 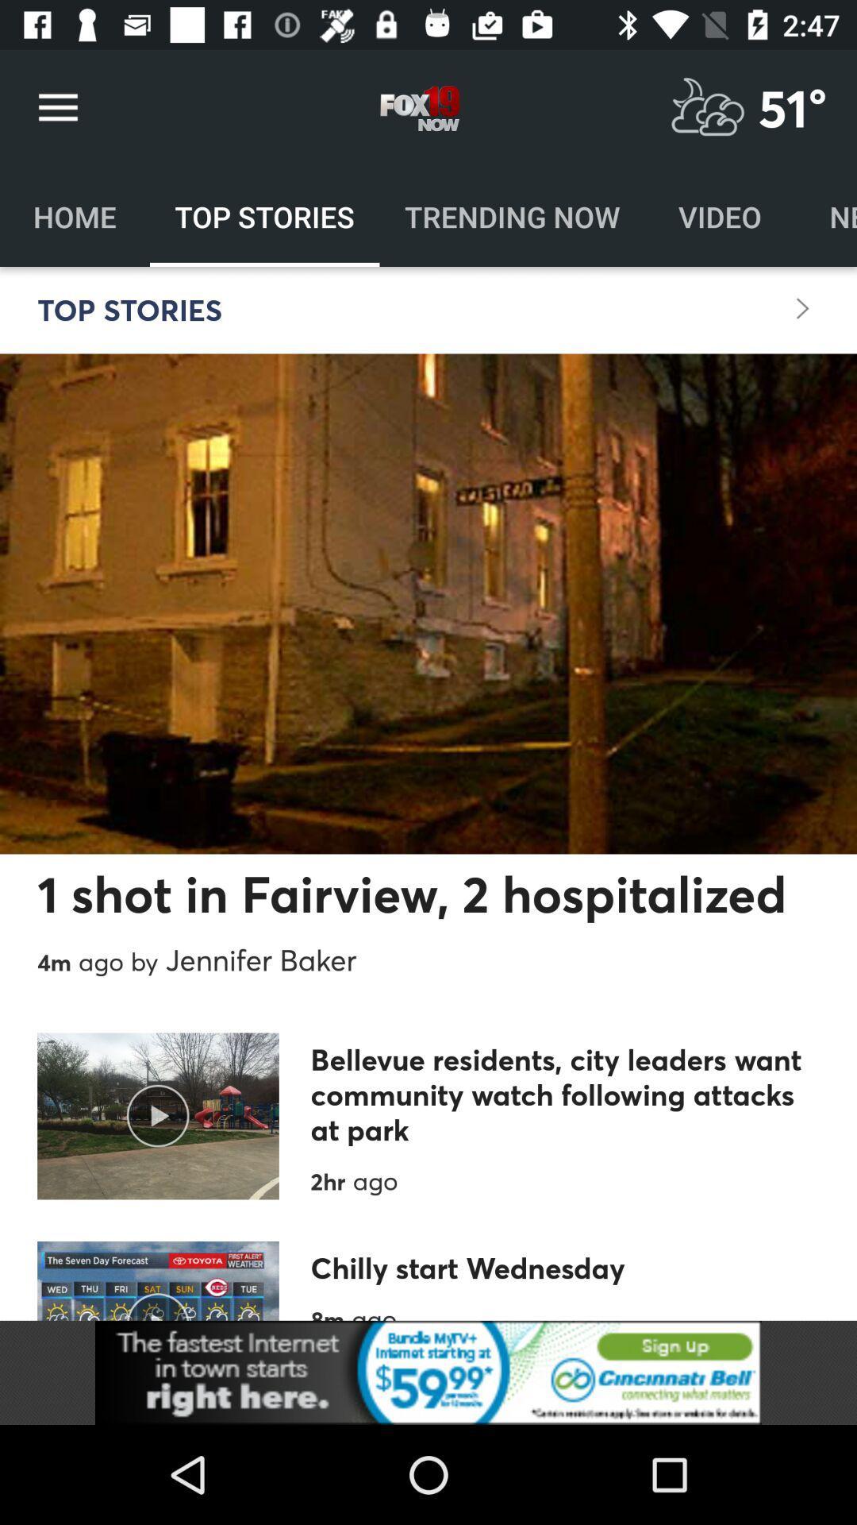 I want to click on advertisement, so click(x=428, y=1372).